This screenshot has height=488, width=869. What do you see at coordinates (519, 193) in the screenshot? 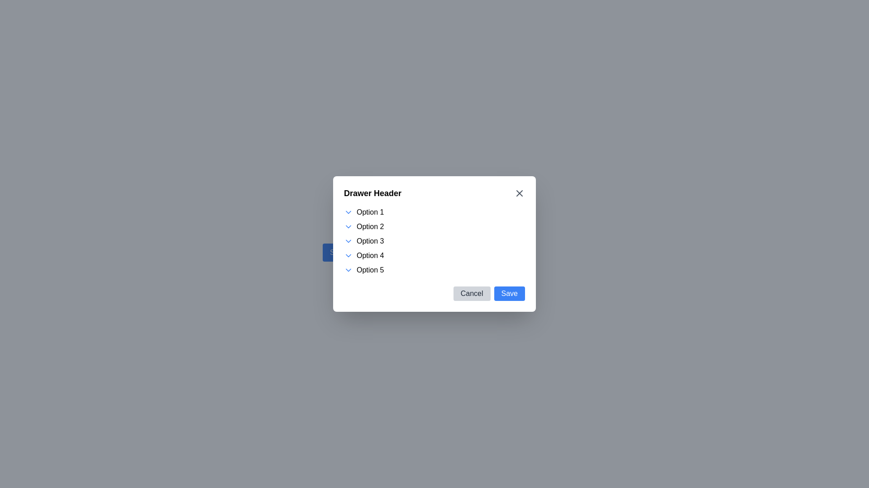
I see `the Close Button Icon located in the top-right corner of the dialog interface` at bounding box center [519, 193].